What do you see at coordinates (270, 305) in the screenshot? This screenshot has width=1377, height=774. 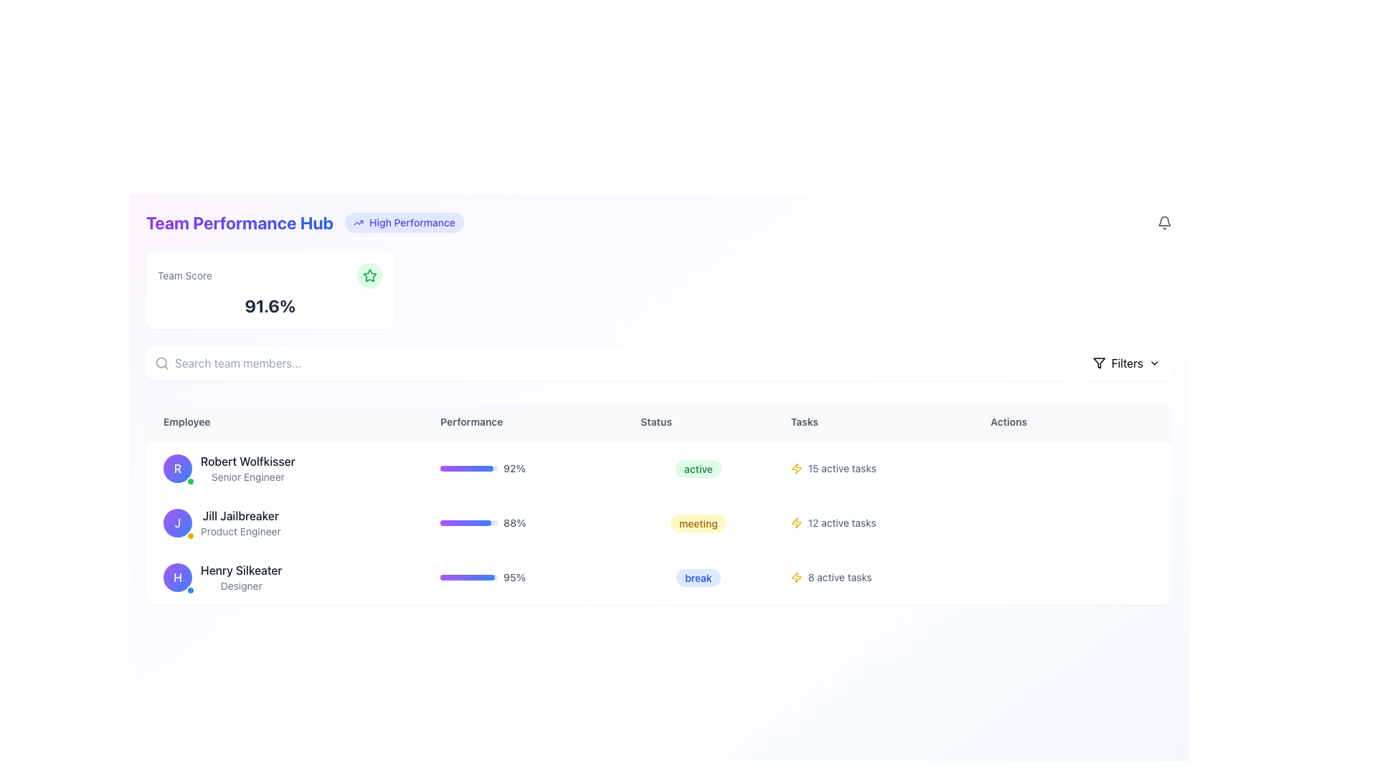 I see `the bold text display showing '91.6%' that is centrally aligned within the 'Team Score' card` at bounding box center [270, 305].